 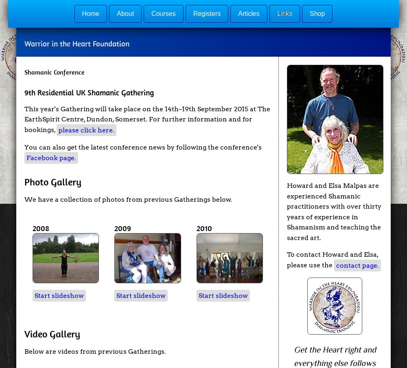 I want to click on 'We have a collection of photos from previous Gatherings below.', so click(x=128, y=199).